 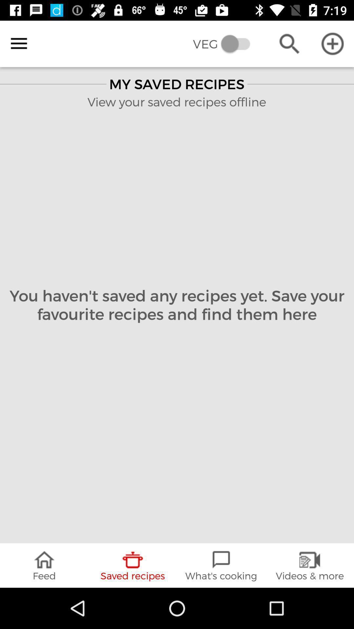 What do you see at coordinates (310, 565) in the screenshot?
I see `the item below you haven t item` at bounding box center [310, 565].